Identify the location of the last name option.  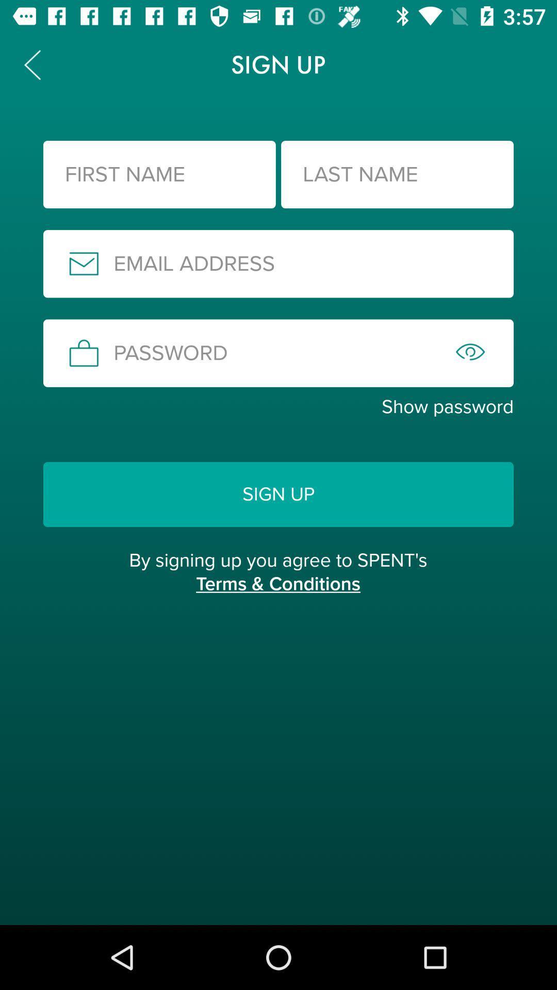
(397, 174).